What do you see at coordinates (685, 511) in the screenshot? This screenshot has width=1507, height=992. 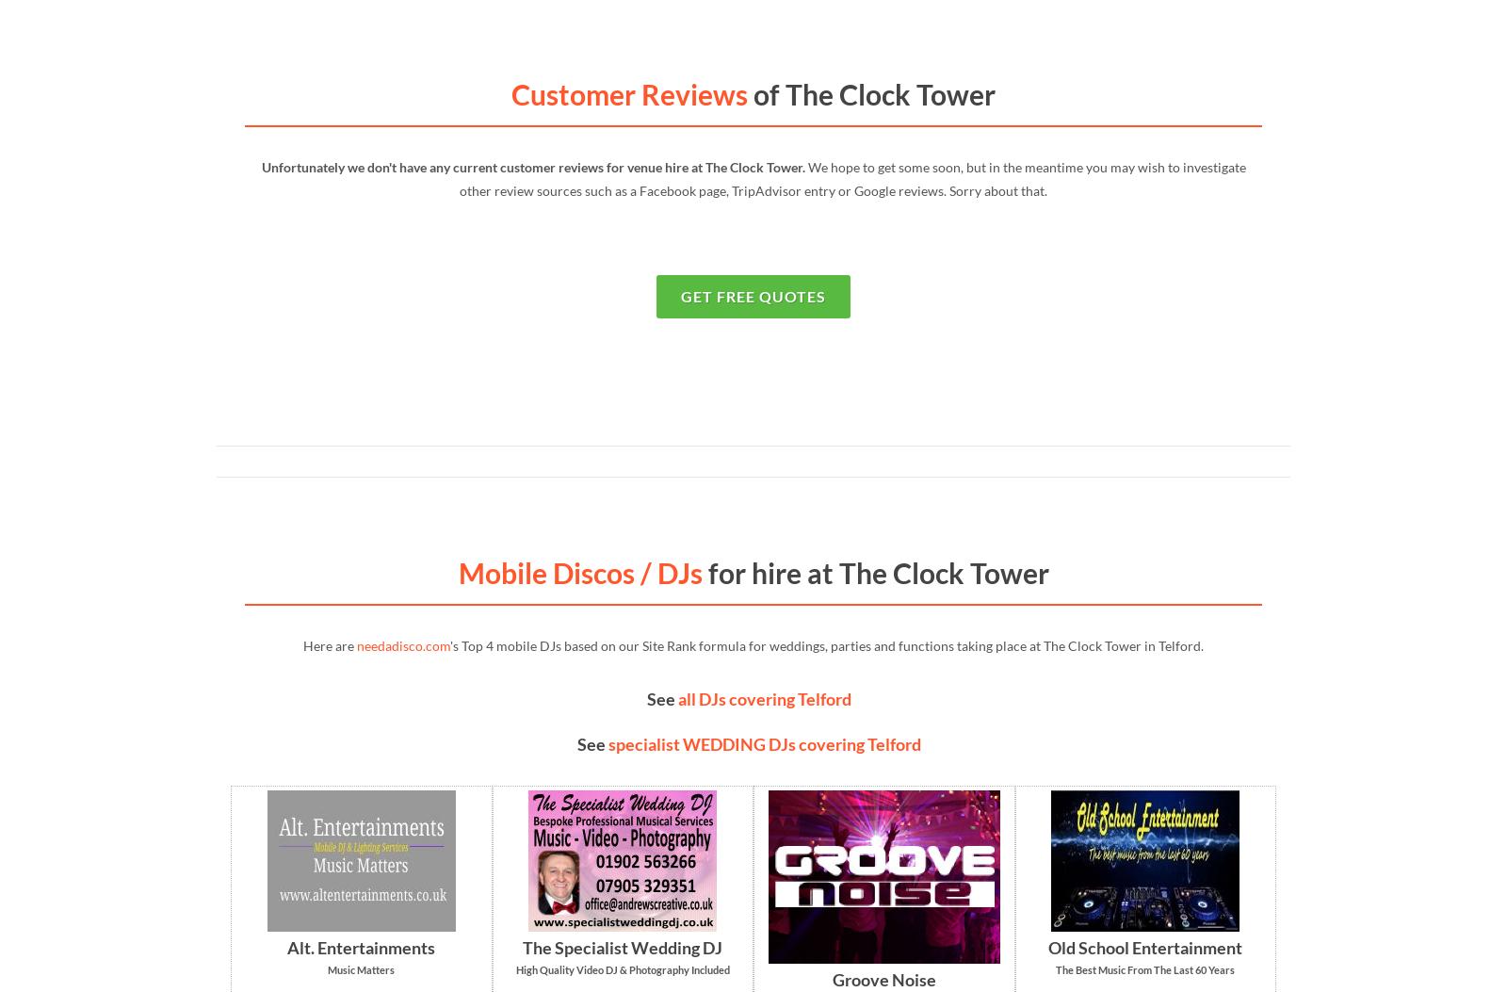 I see `'LOVE Letters'` at bounding box center [685, 511].